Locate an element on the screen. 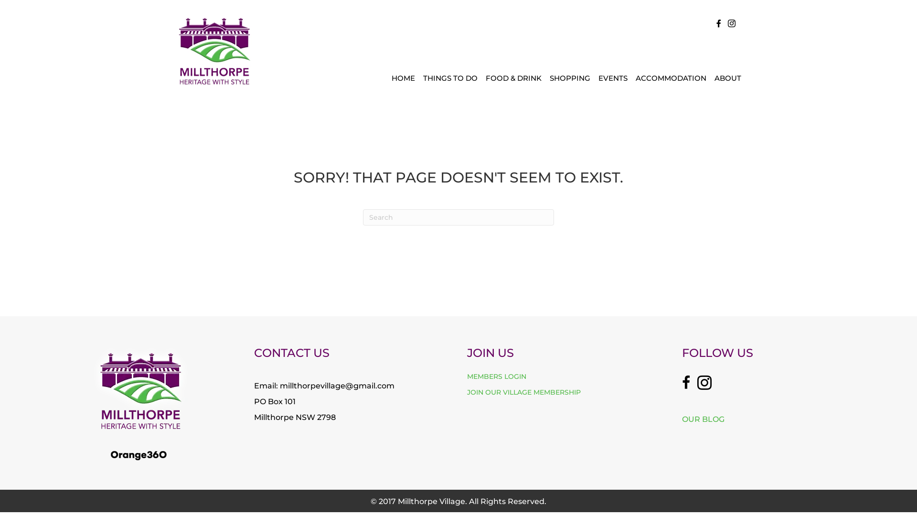 This screenshot has height=516, width=917. 'JOIN OUR VILLAGE MEMBERSHIP' is located at coordinates (467, 392).